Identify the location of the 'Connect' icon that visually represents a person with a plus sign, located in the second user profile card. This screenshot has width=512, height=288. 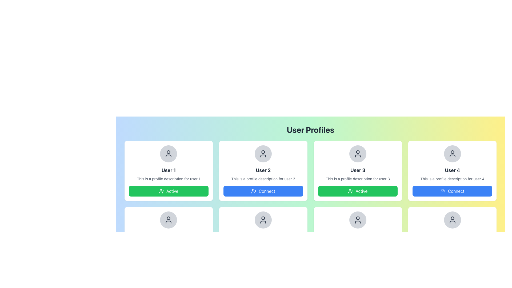
(254, 191).